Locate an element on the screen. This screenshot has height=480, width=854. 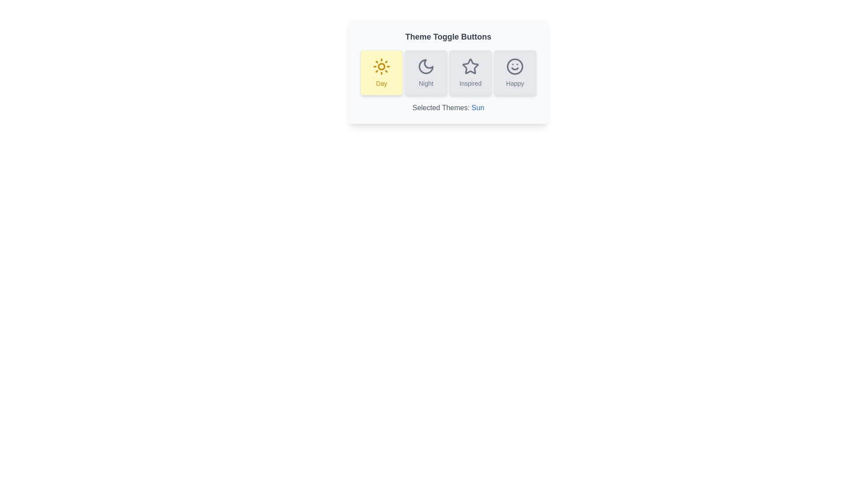
the 'Night' mode toggle button is located at coordinates (426, 72).